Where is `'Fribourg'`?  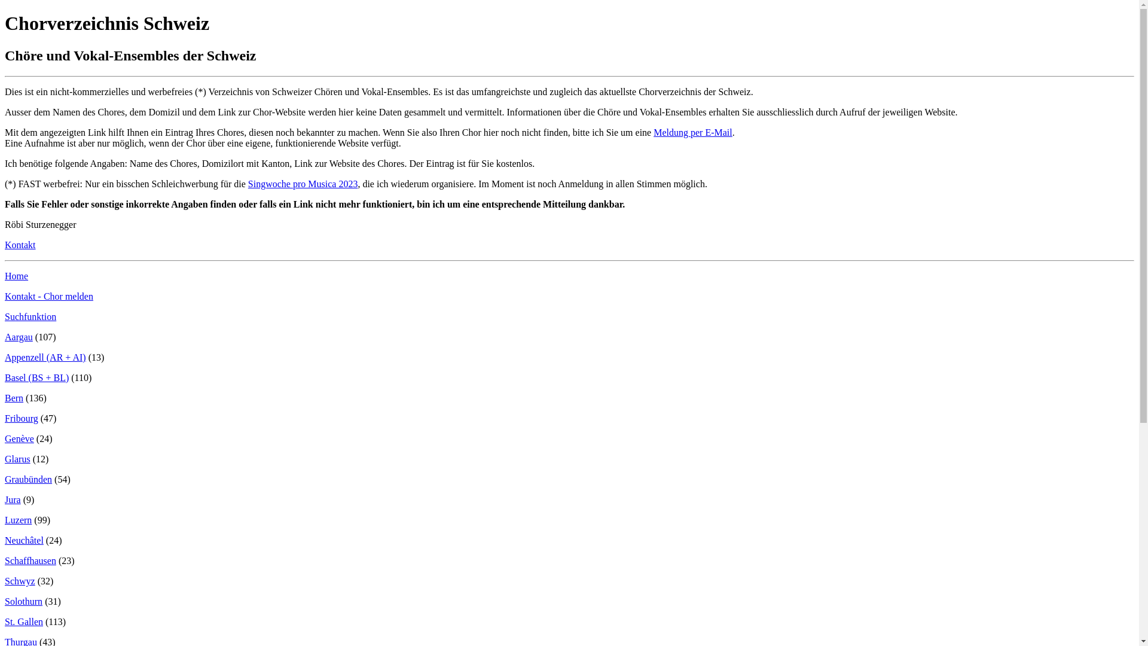 'Fribourg' is located at coordinates (21, 418).